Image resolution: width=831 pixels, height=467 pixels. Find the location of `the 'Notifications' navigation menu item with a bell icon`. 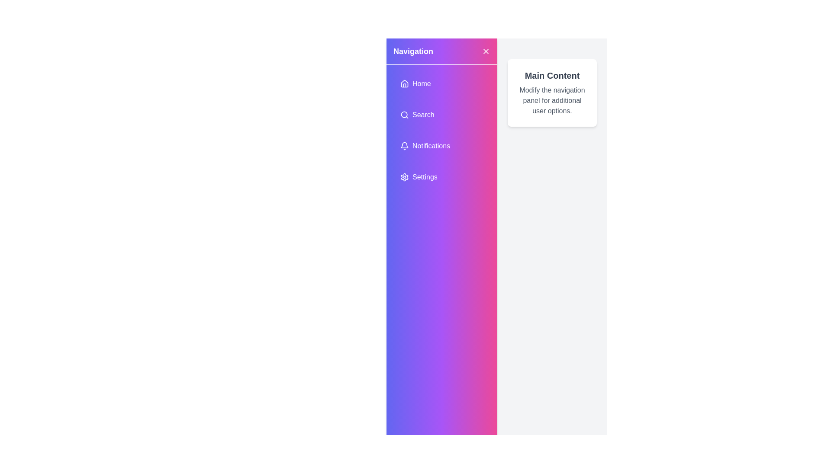

the 'Notifications' navigation menu item with a bell icon is located at coordinates (425, 146).